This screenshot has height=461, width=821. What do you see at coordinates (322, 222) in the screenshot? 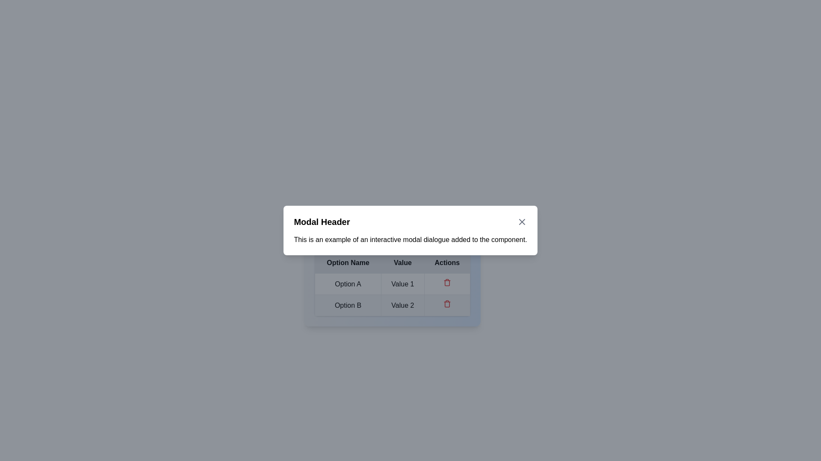
I see `text label that displays 'Modal Header', which is a bold title at the top of the modal dialog box` at bounding box center [322, 222].